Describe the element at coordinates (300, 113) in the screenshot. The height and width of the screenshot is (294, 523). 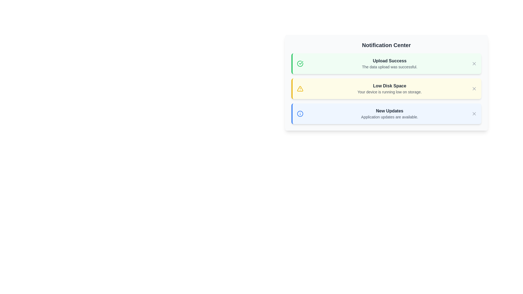
I see `the outer circle of the icon in the 'New Updates' notification card, which has a blue stroke and a white background` at that location.